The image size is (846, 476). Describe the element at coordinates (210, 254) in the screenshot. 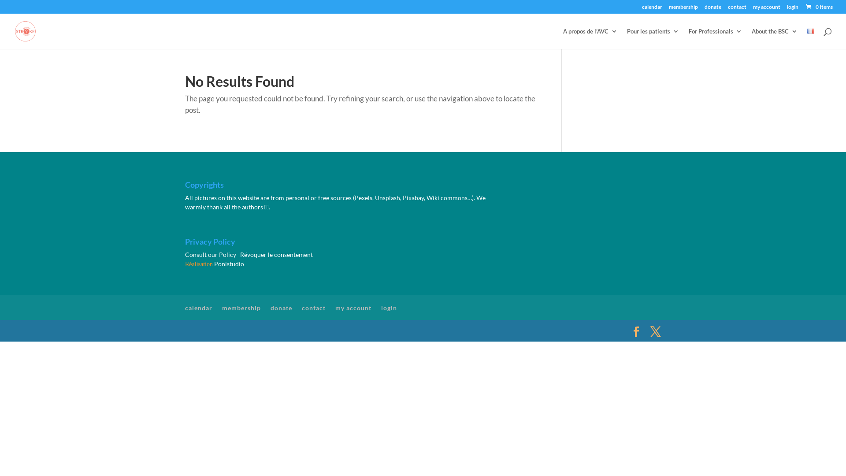

I see `'Consult our Policy'` at that location.